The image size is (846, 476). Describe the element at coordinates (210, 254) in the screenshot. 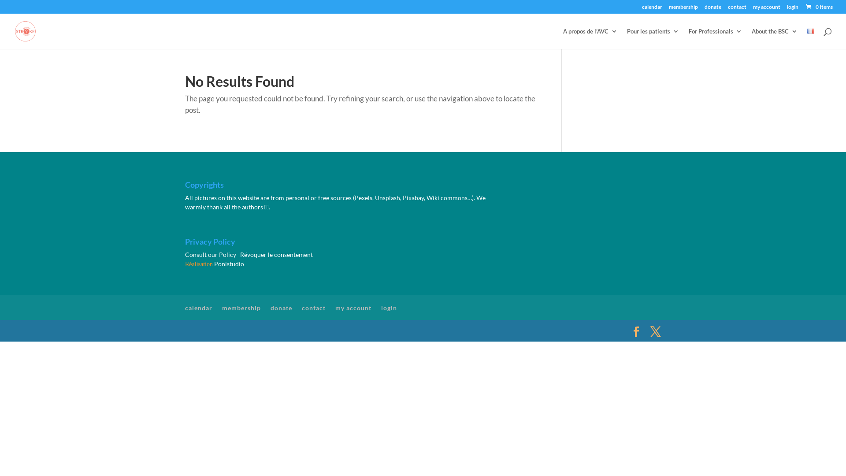

I see `'Consult our Policy'` at that location.